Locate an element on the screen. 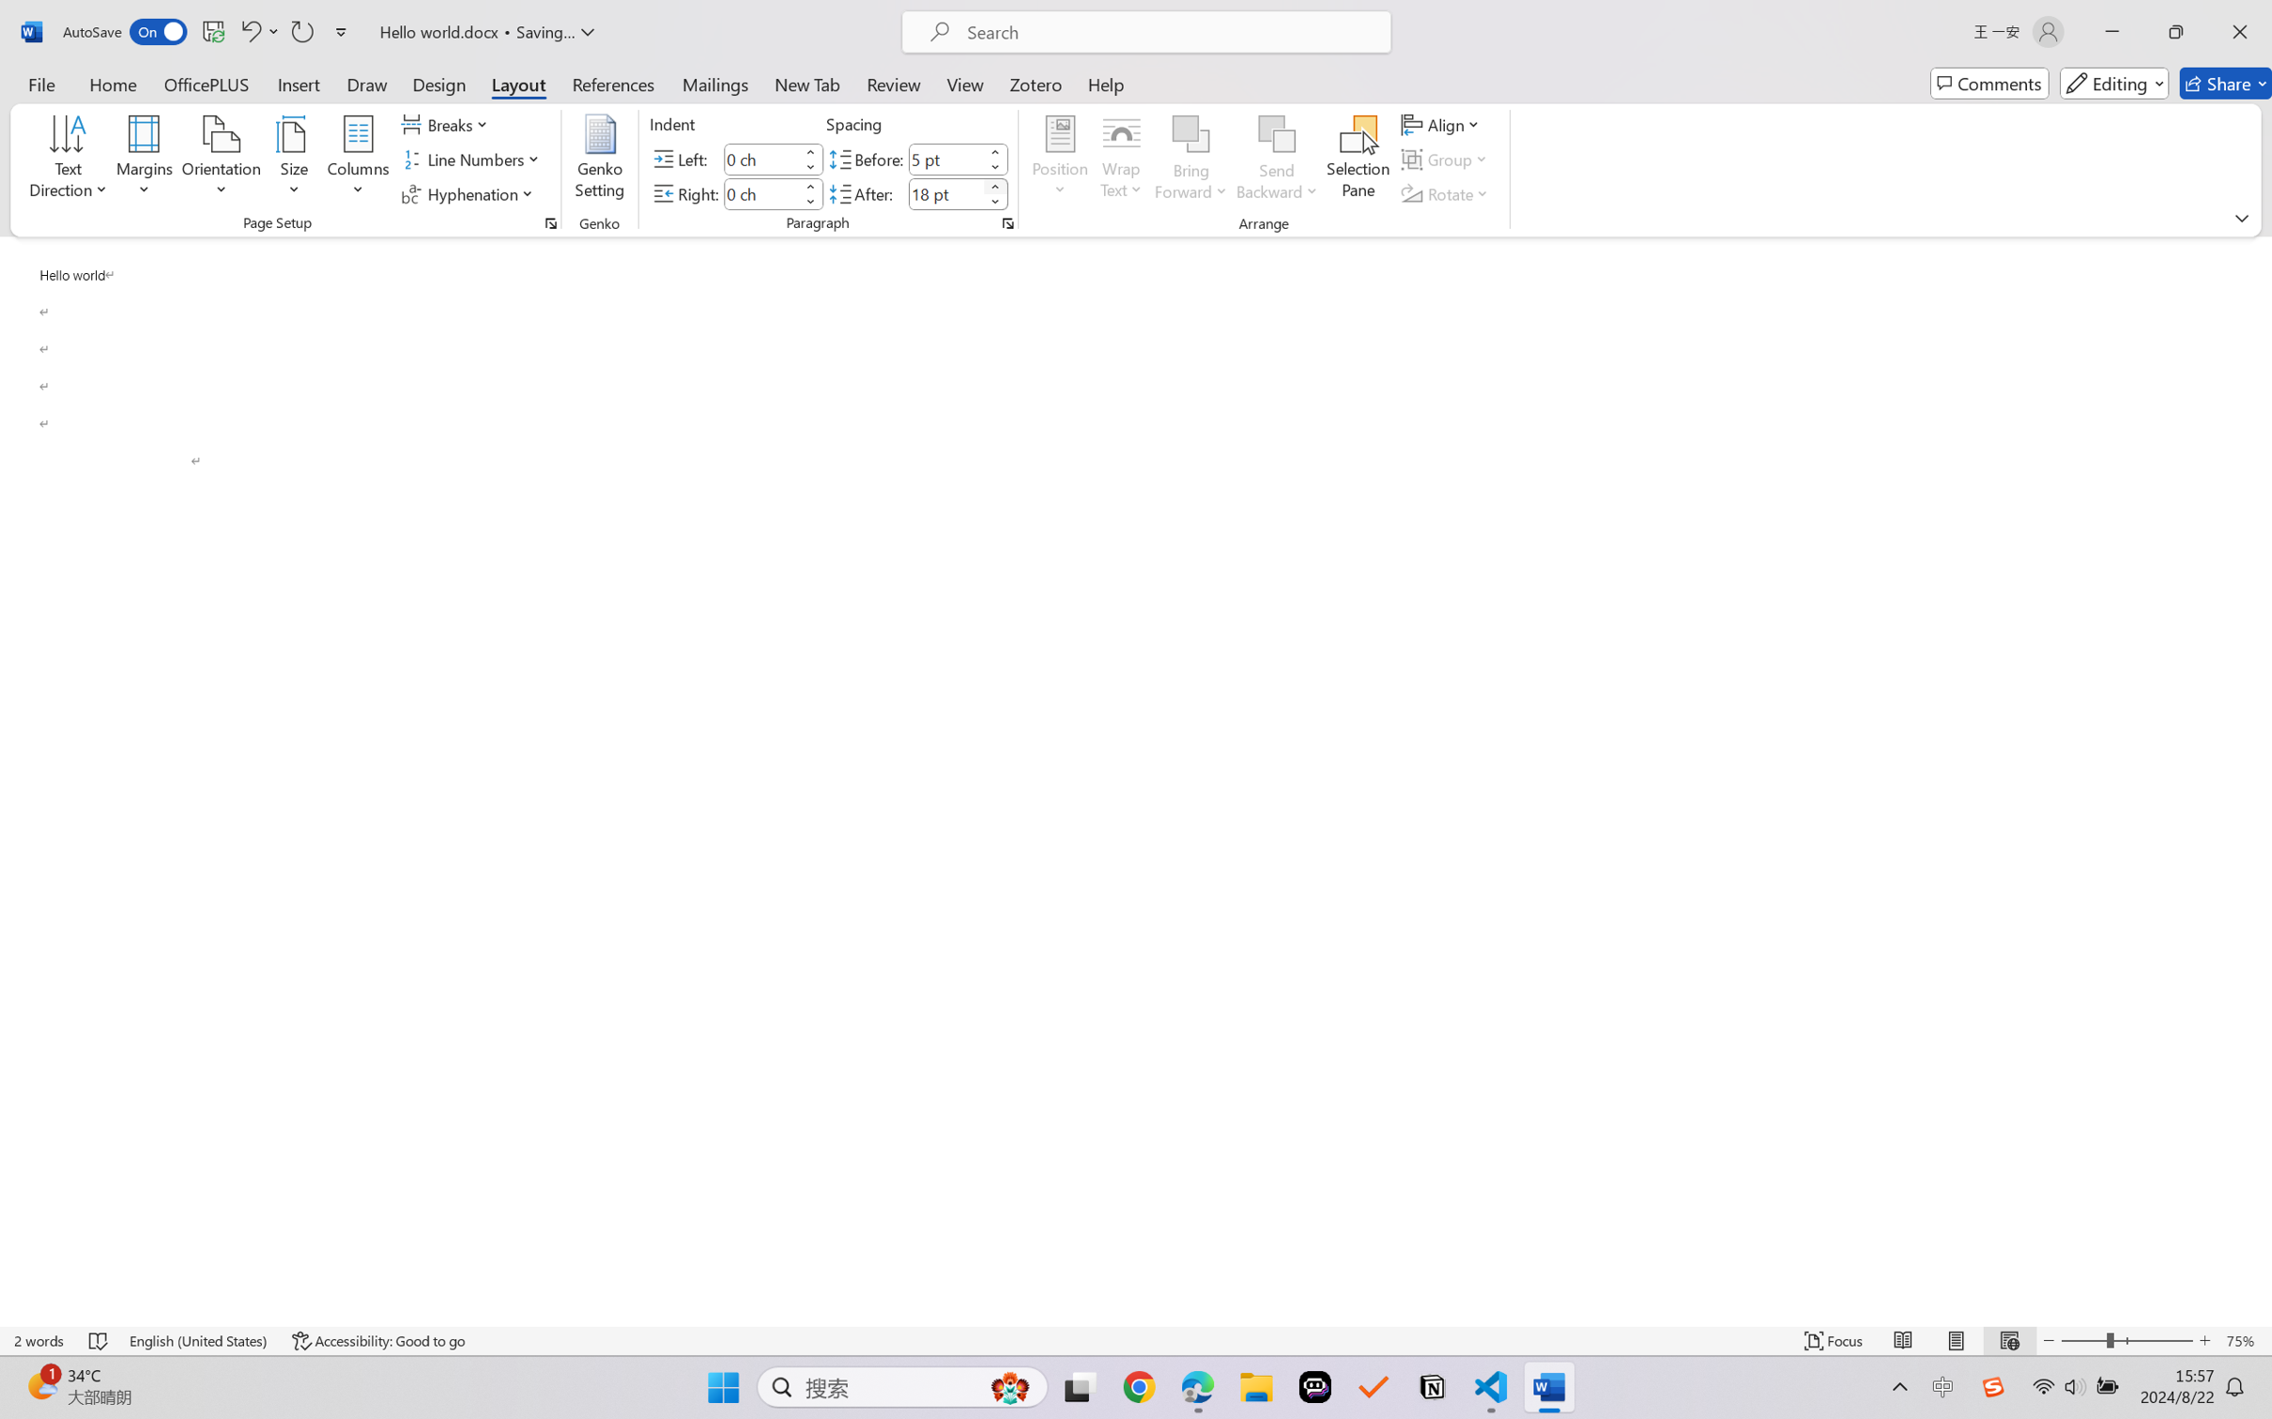 The height and width of the screenshot is (1419, 2272). 'Margins' is located at coordinates (144, 160).